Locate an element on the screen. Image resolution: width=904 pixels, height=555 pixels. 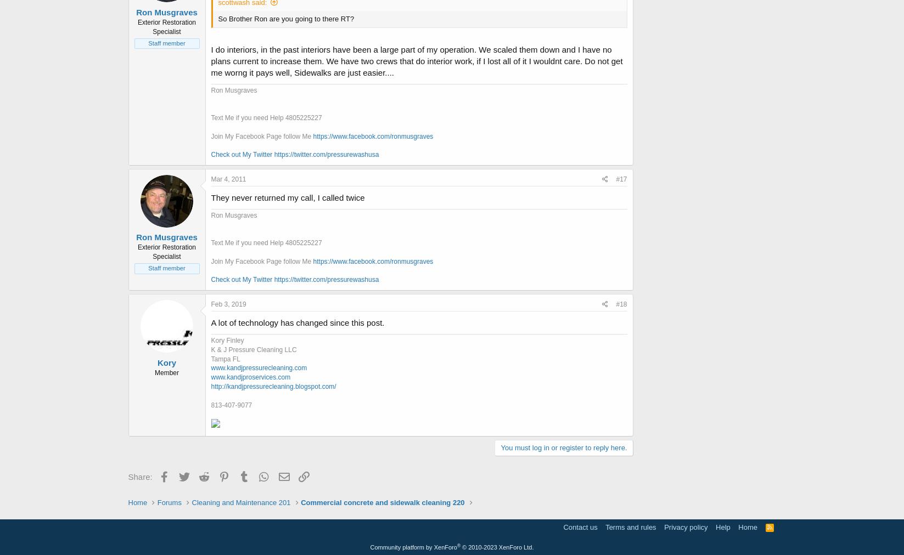
'#18' is located at coordinates (621, 303).